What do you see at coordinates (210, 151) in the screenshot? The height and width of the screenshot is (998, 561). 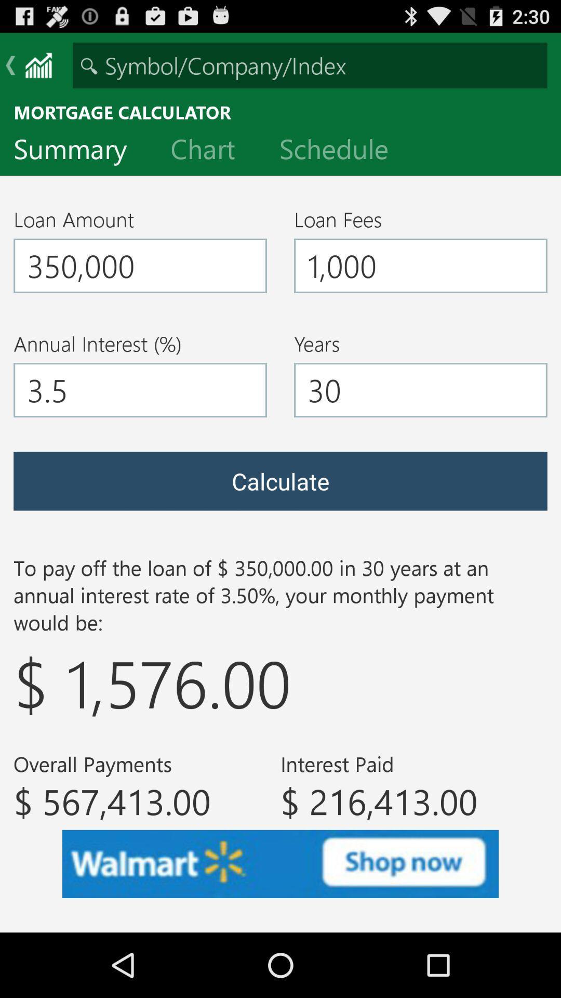 I see `the chart item` at bounding box center [210, 151].